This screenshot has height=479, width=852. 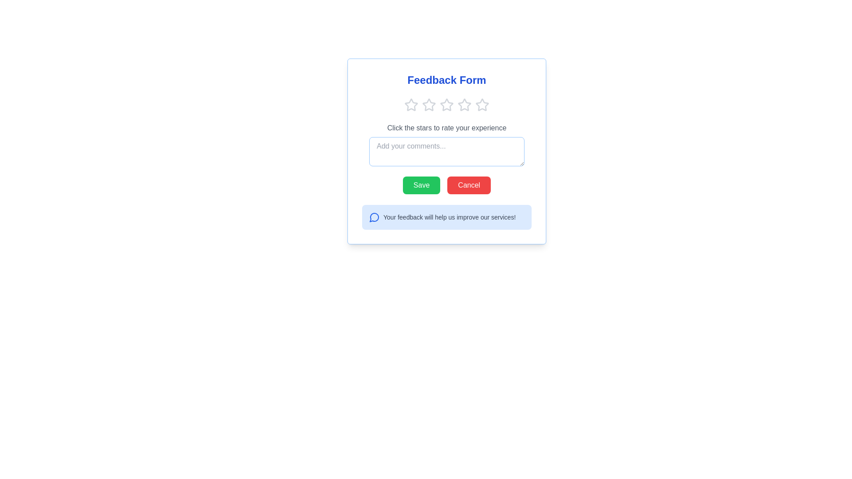 I want to click on the second star-shaped interactive rating icon, so click(x=447, y=104).